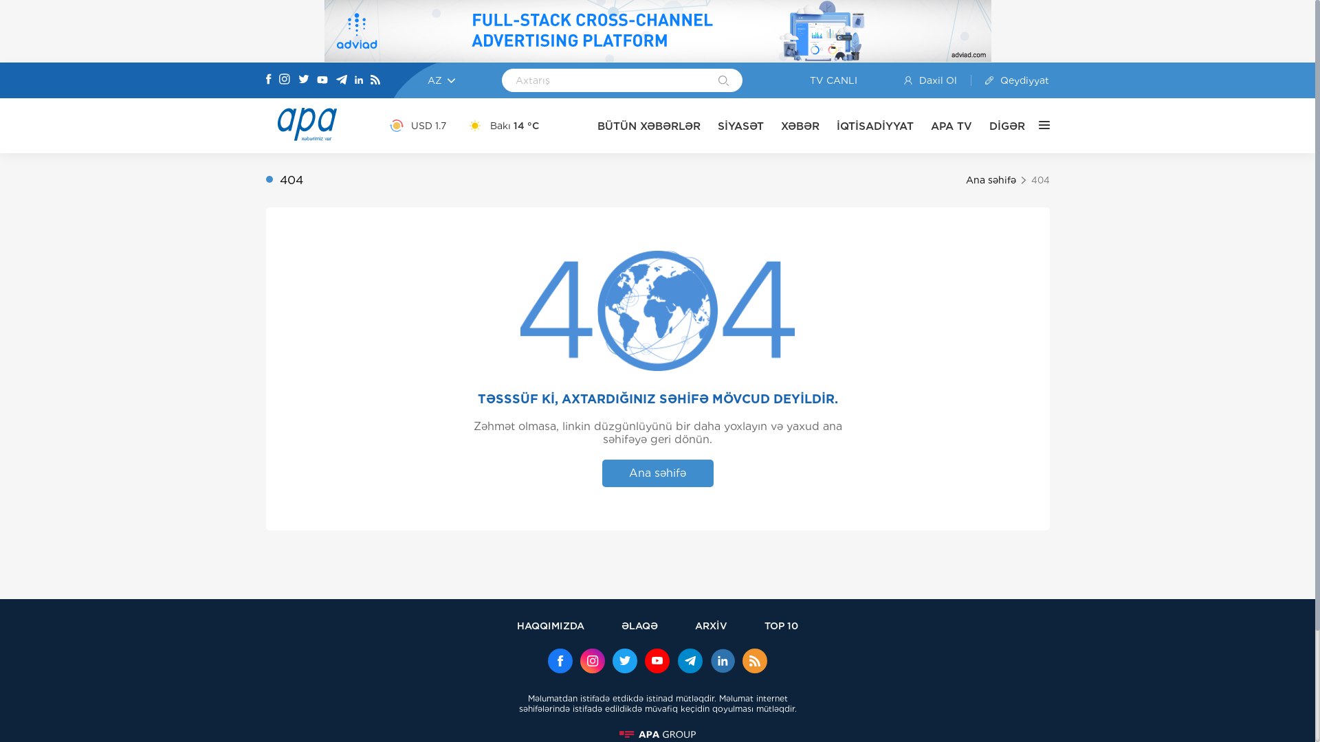 This screenshot has height=742, width=1320. I want to click on 'USD 1.7', so click(417, 125).